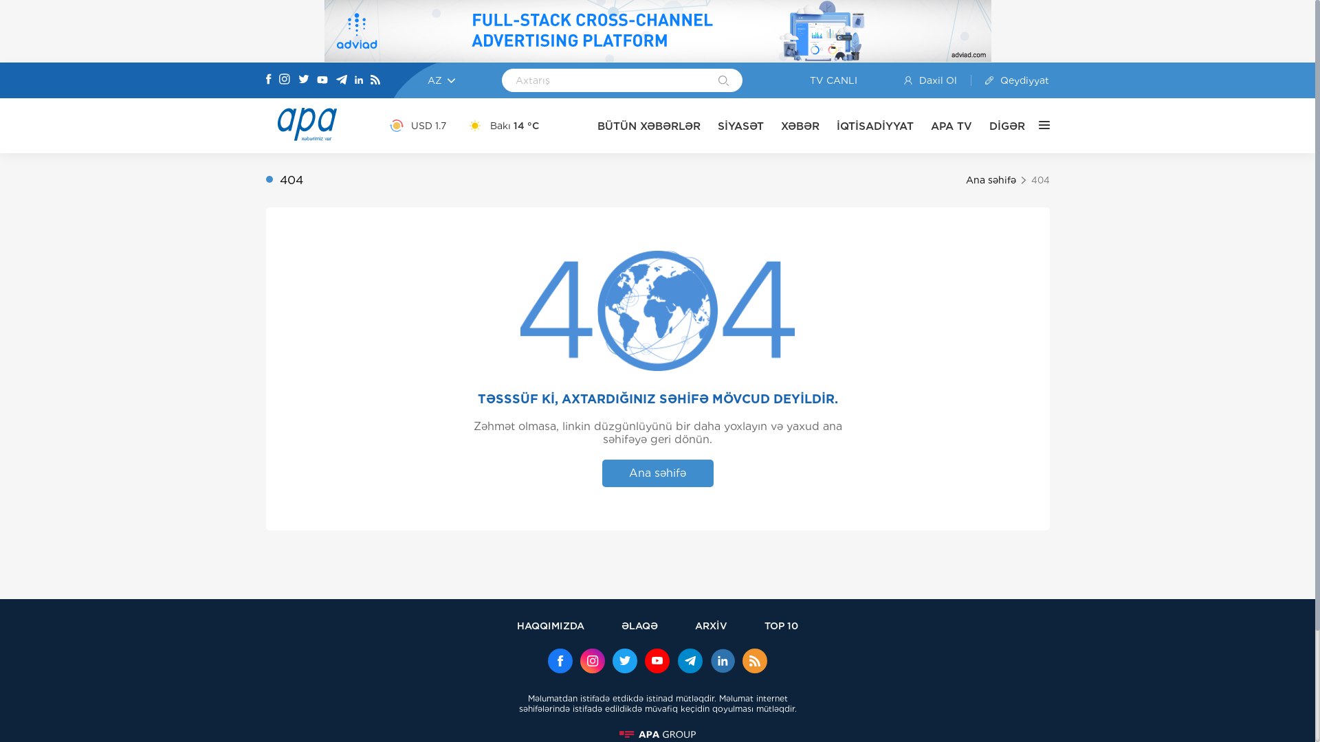 This screenshot has height=742, width=1320. I want to click on 'USD 1.7', so click(417, 125).